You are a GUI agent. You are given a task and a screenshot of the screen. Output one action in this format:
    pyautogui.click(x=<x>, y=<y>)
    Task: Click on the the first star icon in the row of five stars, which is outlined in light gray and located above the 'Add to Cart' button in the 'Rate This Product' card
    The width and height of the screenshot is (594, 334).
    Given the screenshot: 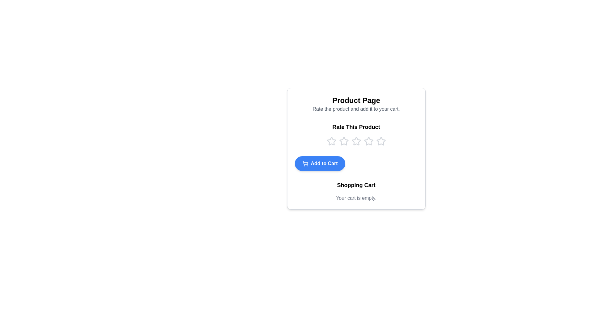 What is the action you would take?
    pyautogui.click(x=331, y=141)
    